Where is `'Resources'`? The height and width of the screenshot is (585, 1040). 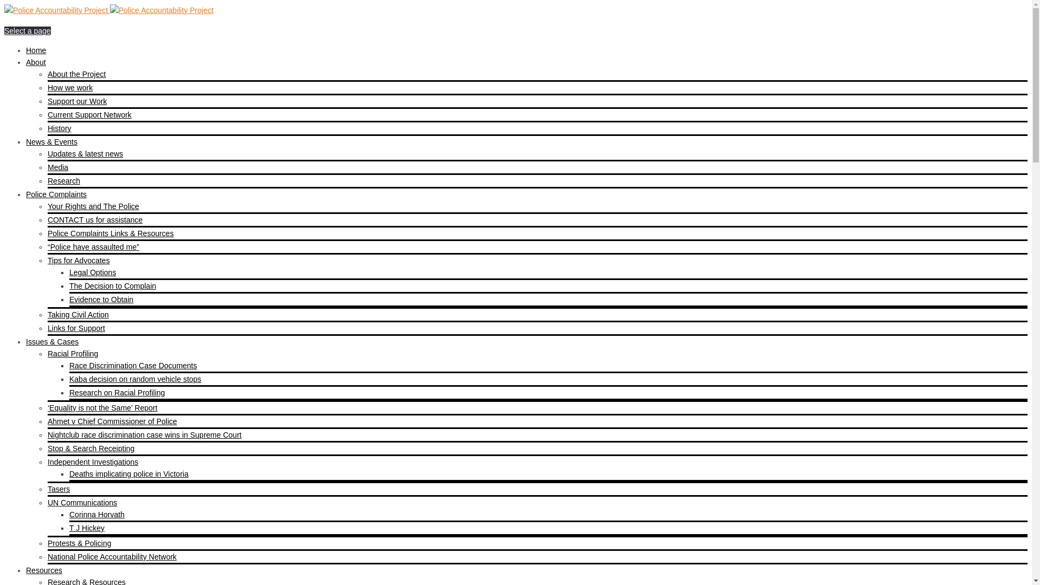
'Resources' is located at coordinates (26, 570).